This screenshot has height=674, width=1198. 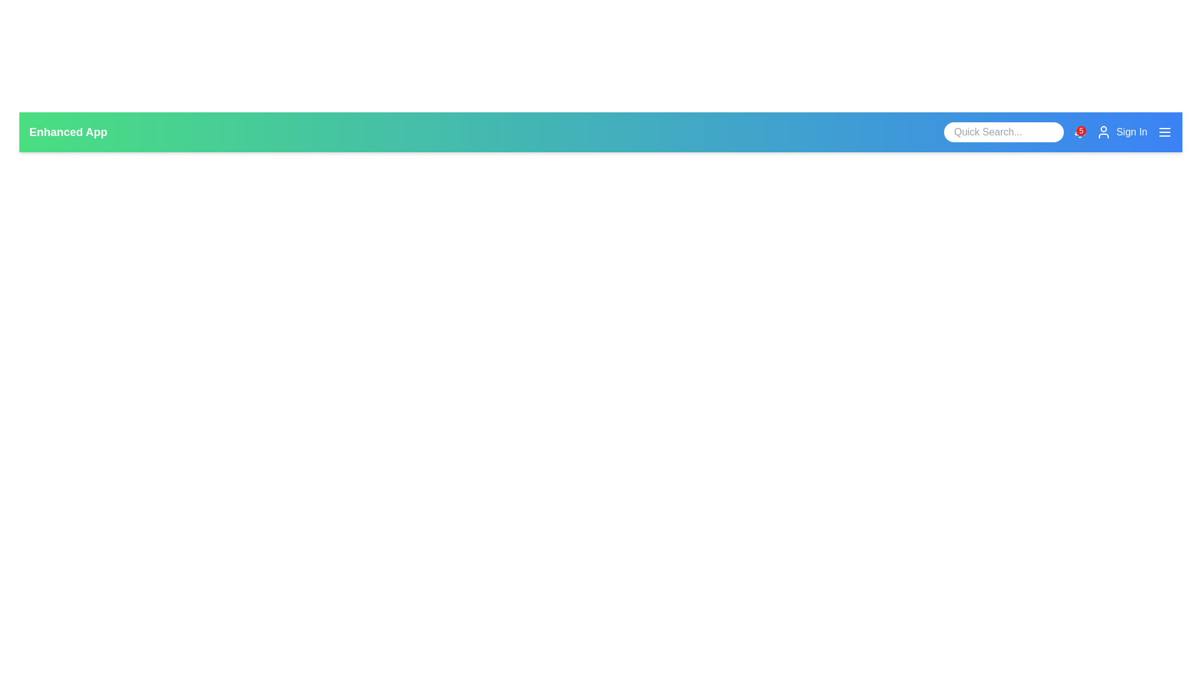 What do you see at coordinates (1164, 132) in the screenshot?
I see `the menu button located at the far right of the app bar` at bounding box center [1164, 132].